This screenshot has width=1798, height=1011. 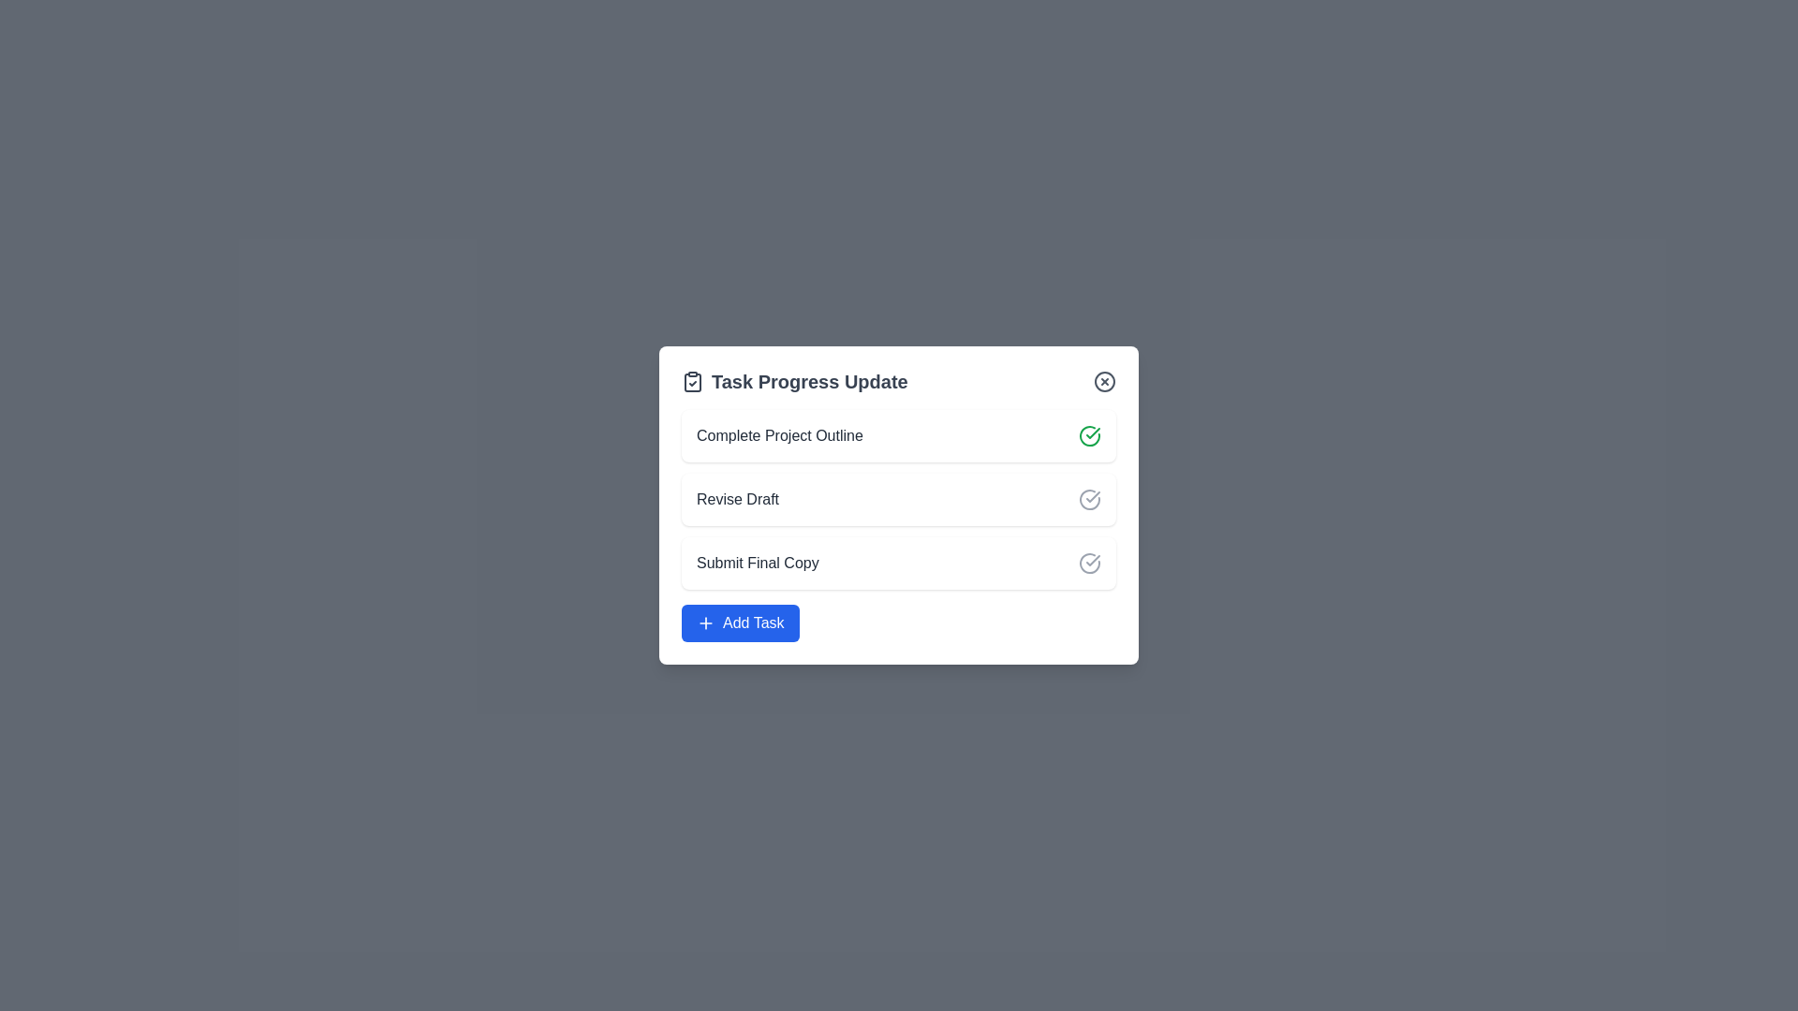 I want to click on the Close button located in the top-right corner of the 'Task Progress Update' section, so click(x=1105, y=381).